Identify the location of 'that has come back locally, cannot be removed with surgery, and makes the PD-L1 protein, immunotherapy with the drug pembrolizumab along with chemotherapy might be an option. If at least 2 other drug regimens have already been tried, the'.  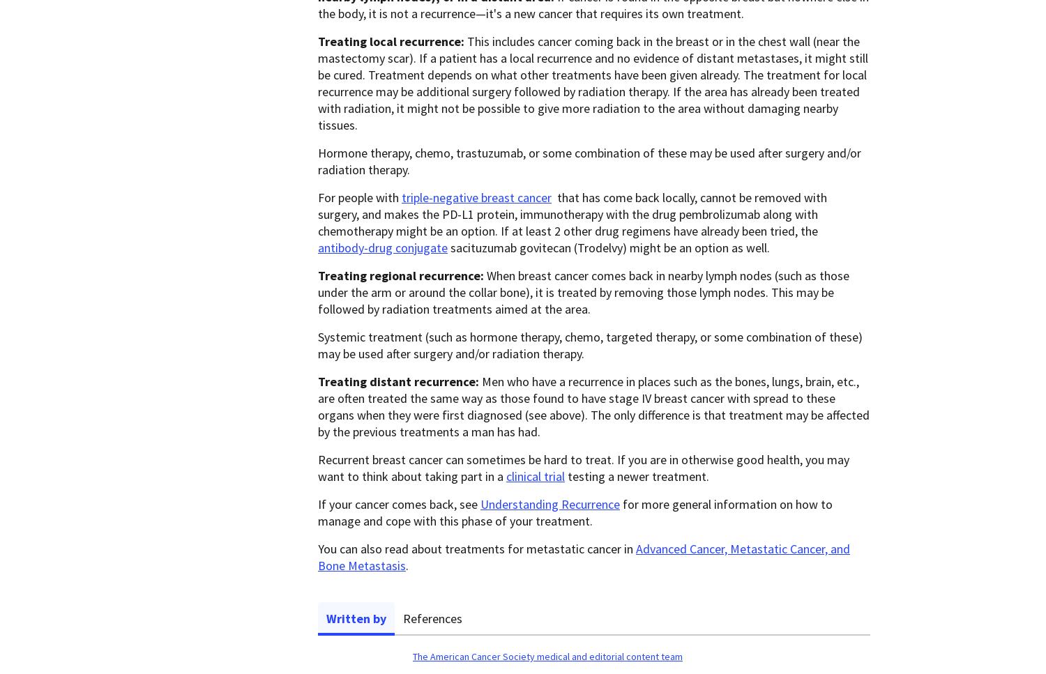
(571, 214).